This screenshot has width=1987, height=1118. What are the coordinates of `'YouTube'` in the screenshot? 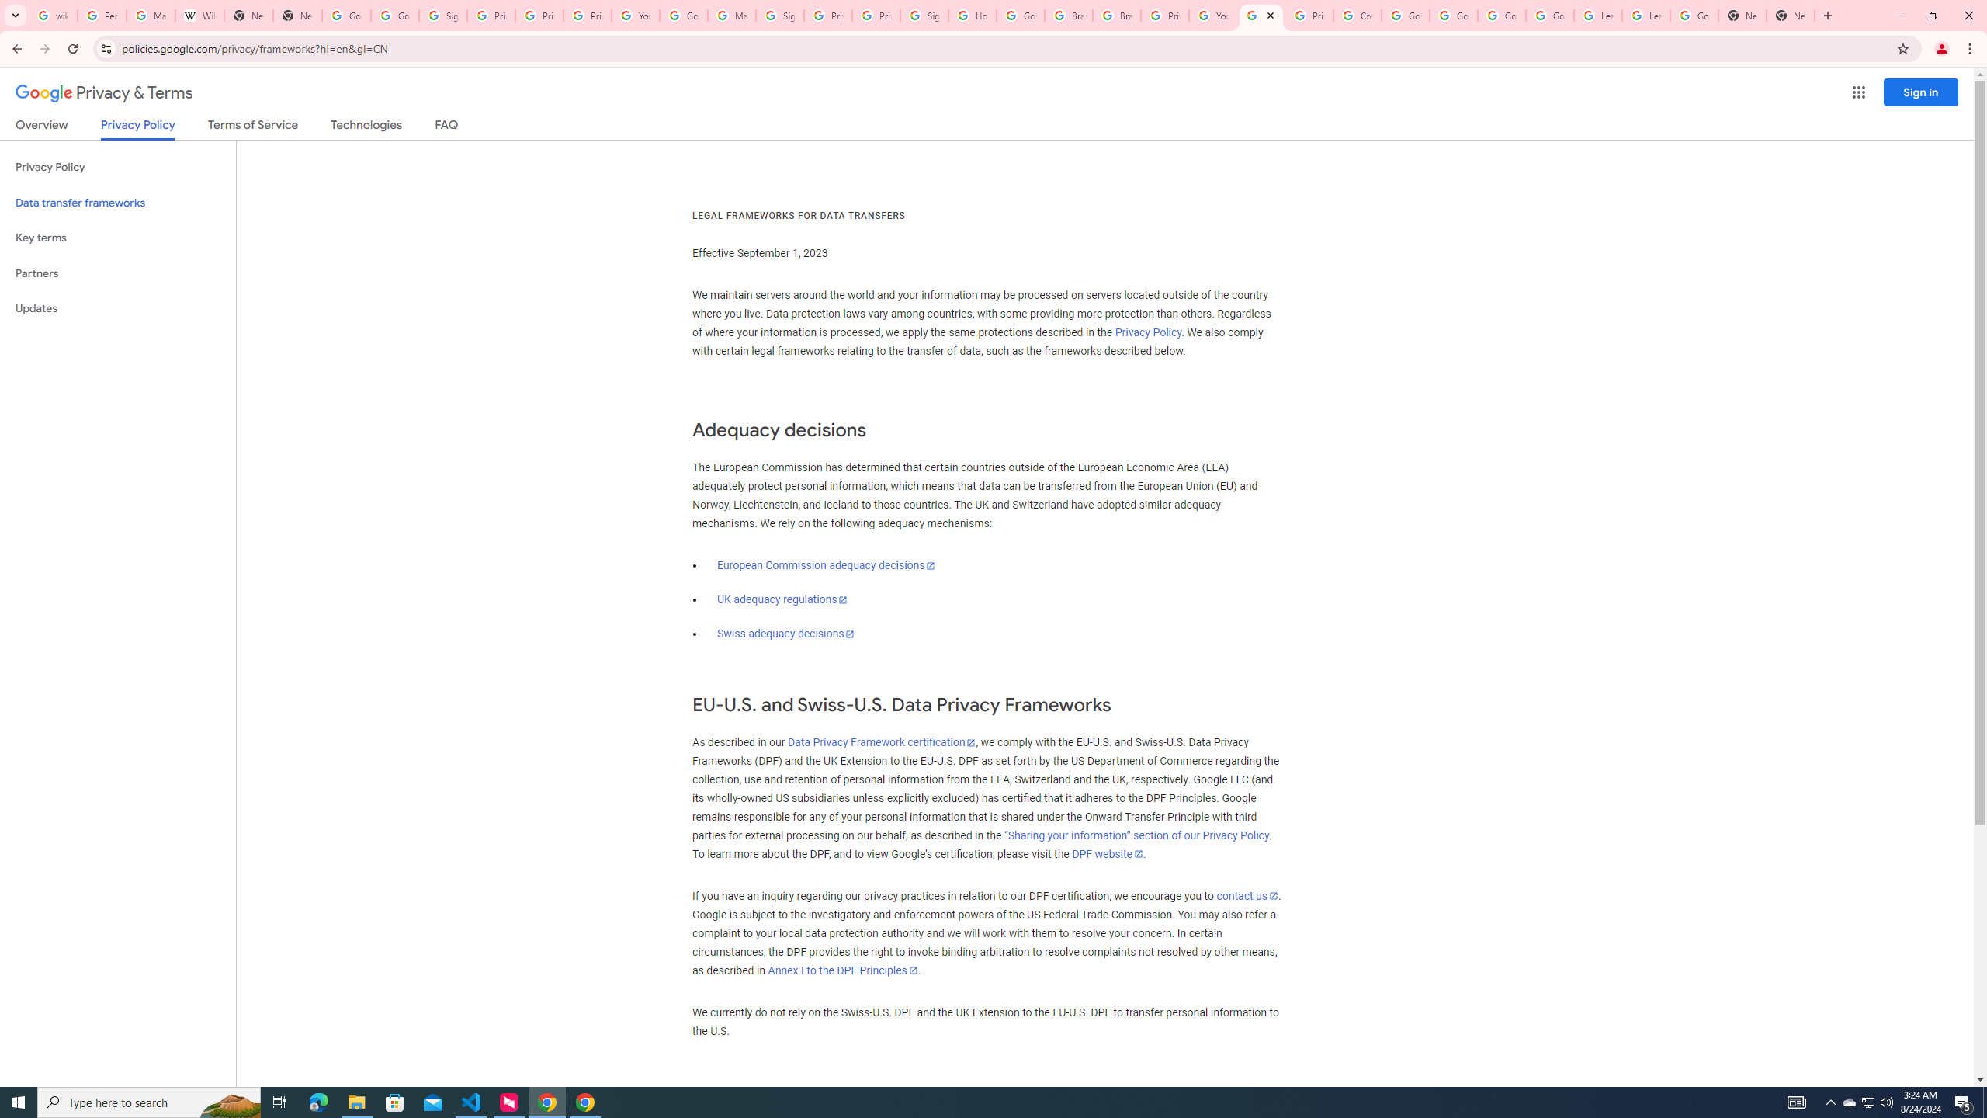 It's located at (636, 15).